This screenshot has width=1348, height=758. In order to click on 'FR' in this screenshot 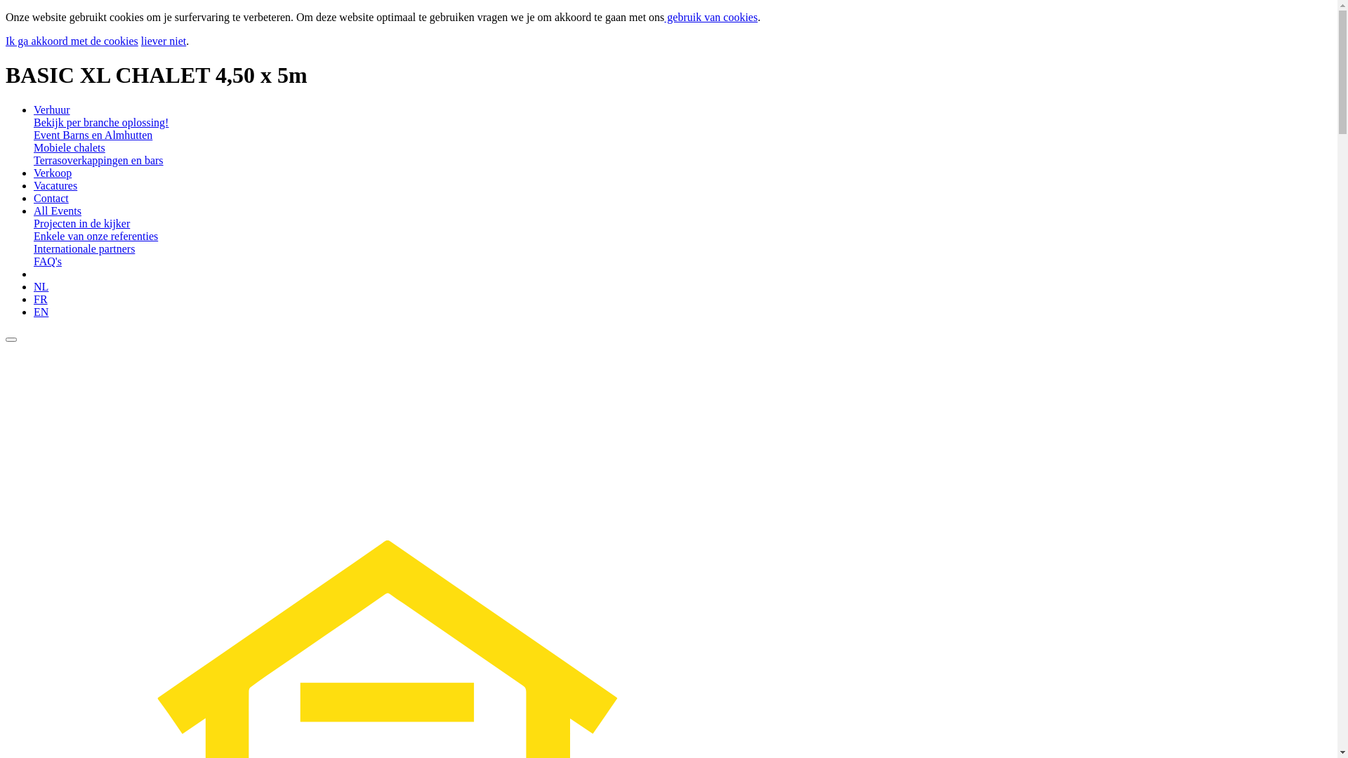, I will do `click(40, 298)`.